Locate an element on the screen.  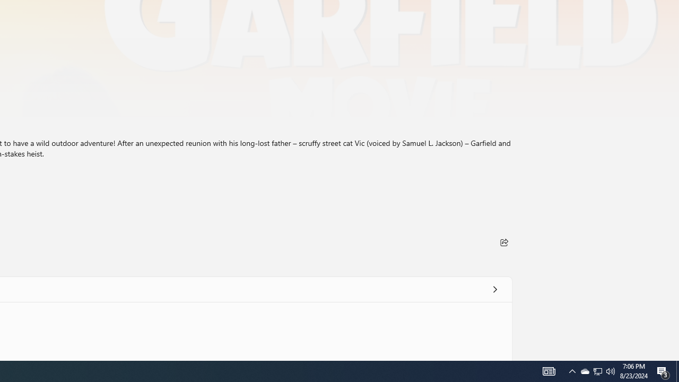
'See all' is located at coordinates (494, 289).